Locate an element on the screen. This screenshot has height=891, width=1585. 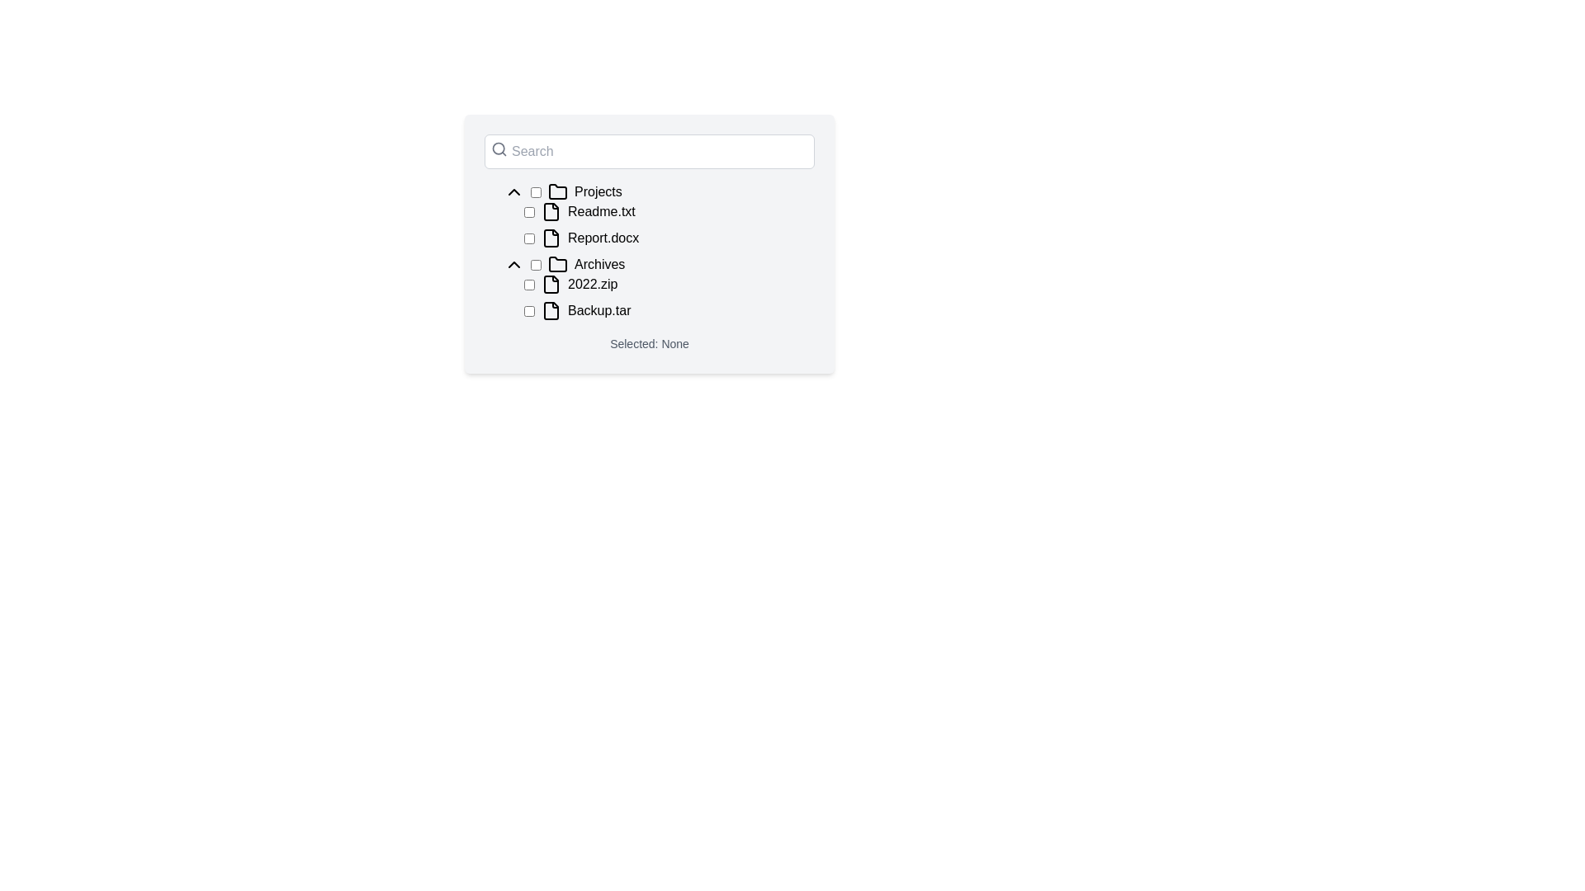
the static graphical icon representing the file '2022.zip' within the 'Archives' directory in the file tree is located at coordinates (551, 283).